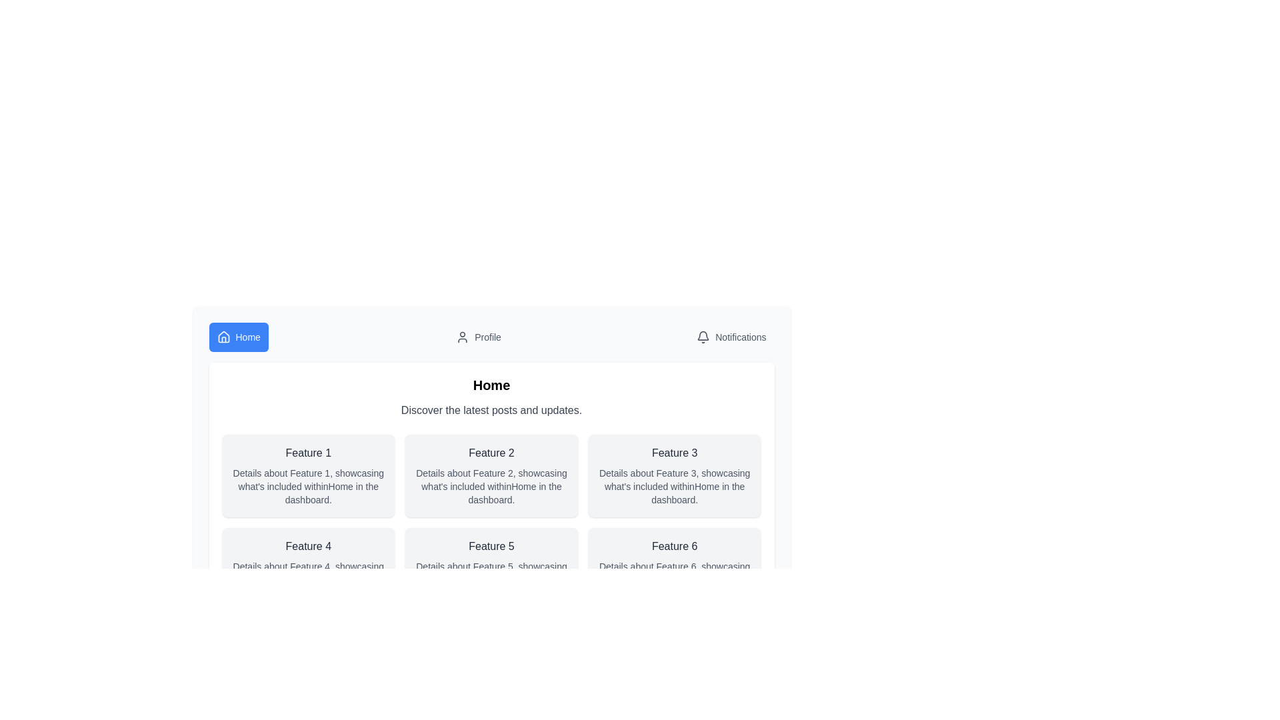  What do you see at coordinates (491, 475) in the screenshot?
I see `the Informational card about Feature 2 to navigate to adjacent cards in the grid layout` at bounding box center [491, 475].